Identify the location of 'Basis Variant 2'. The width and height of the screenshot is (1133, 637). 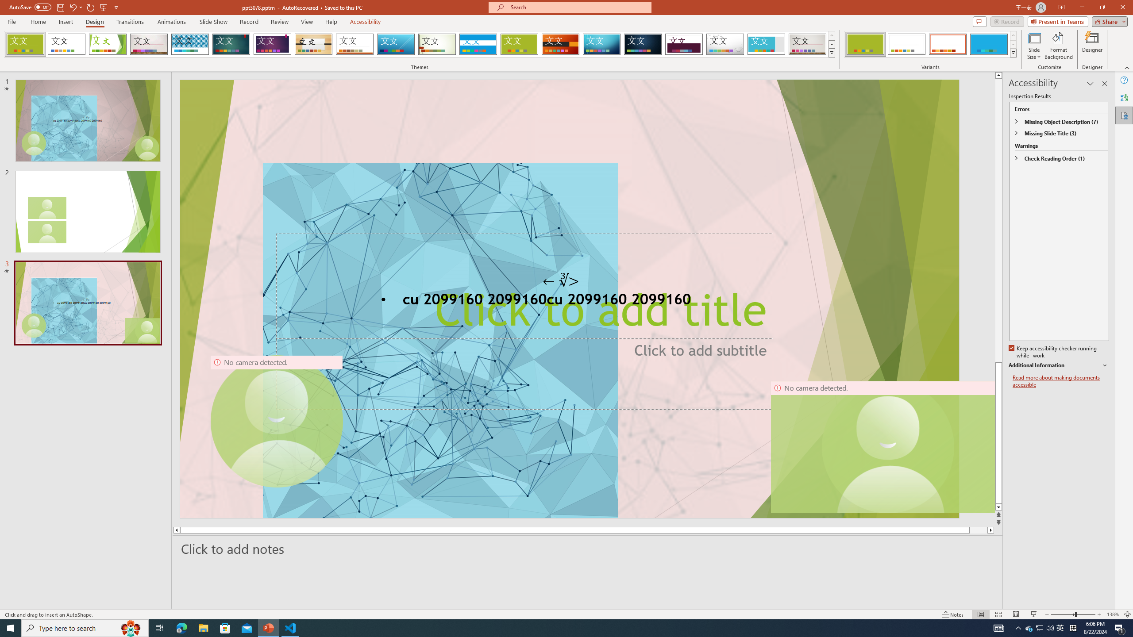
(906, 44).